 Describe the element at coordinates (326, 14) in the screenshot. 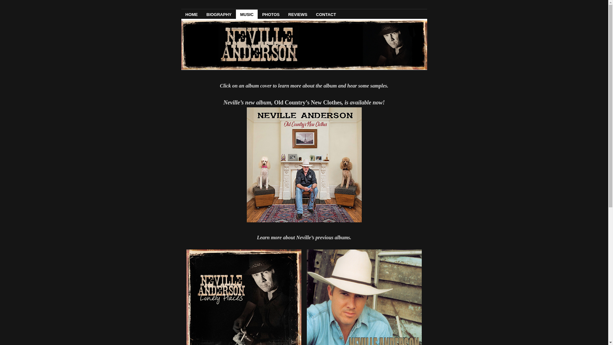

I see `'CONTACT'` at that location.